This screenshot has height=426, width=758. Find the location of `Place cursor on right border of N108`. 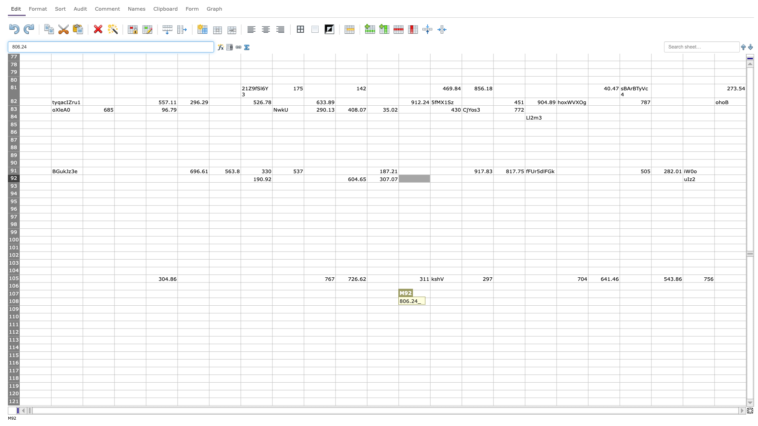

Place cursor on right border of N108 is located at coordinates (462, 301).